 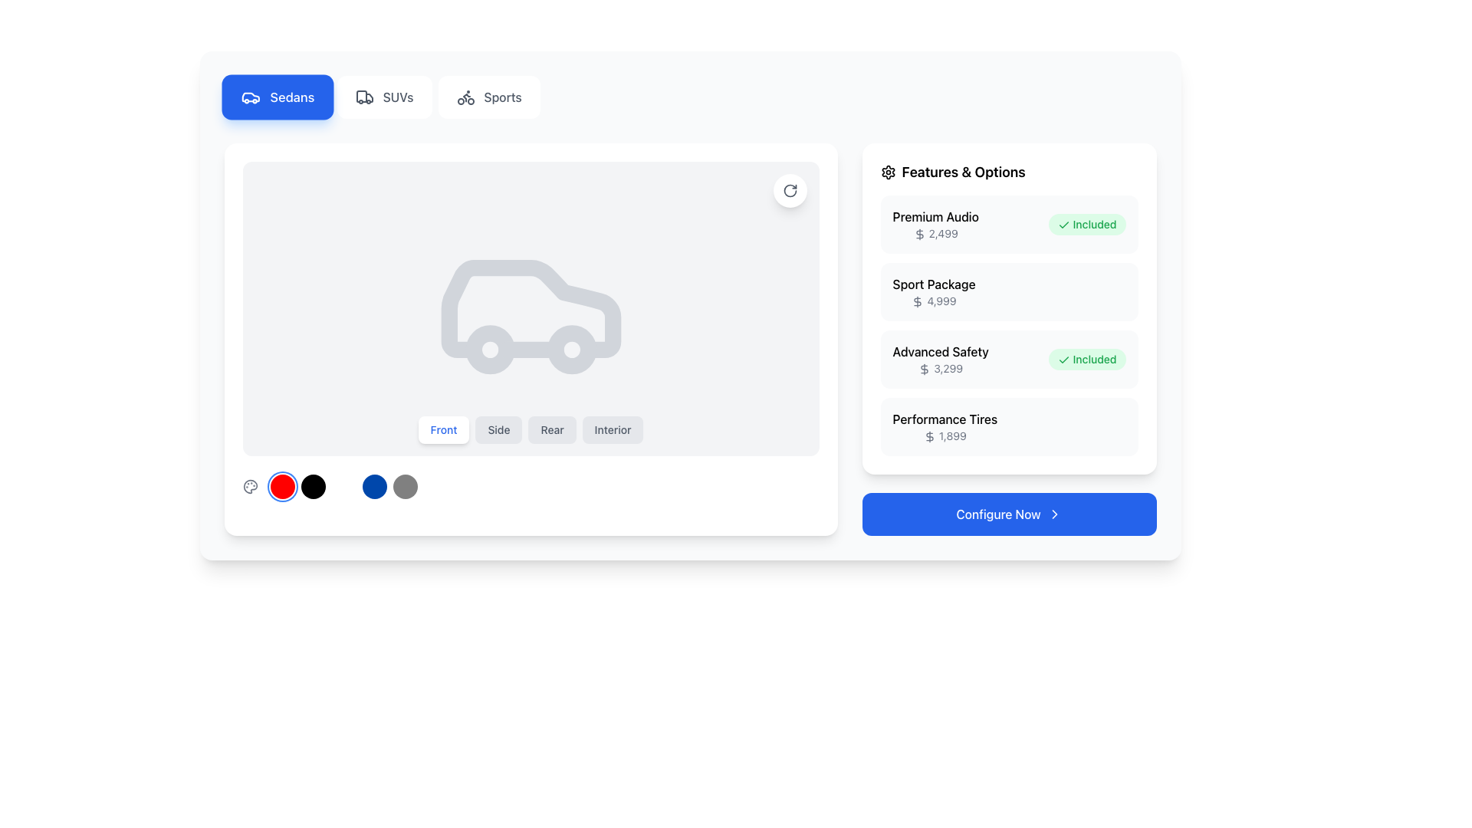 What do you see at coordinates (1086, 360) in the screenshot?
I see `the green pill-shaped Status indicator label that displays 'Included' with a checkmark icon, located in the 'Features & Options' list under 'Advanced Safety'` at bounding box center [1086, 360].